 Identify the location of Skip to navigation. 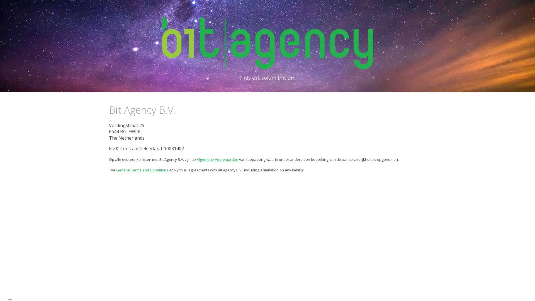
(317, 10).